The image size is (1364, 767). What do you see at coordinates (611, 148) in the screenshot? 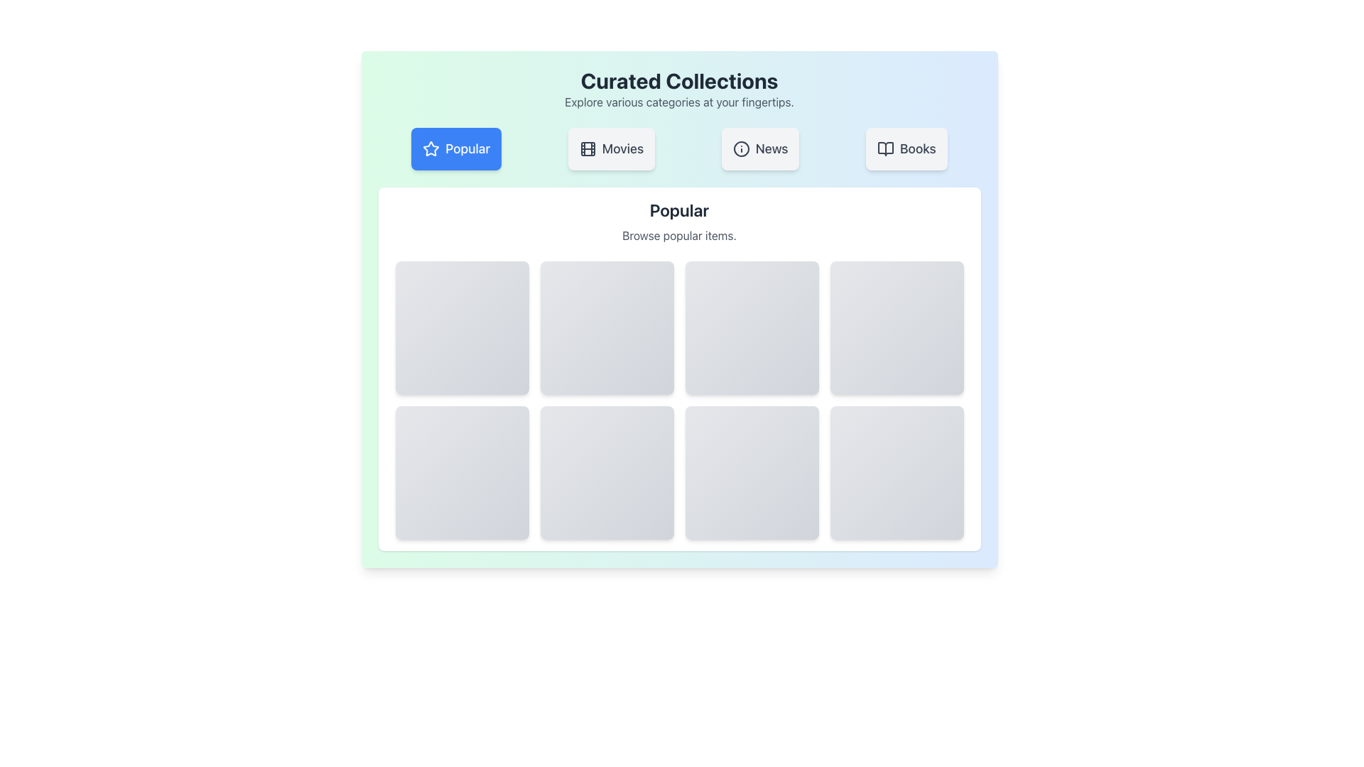
I see `the 'Movies' button with a film reel icon` at bounding box center [611, 148].